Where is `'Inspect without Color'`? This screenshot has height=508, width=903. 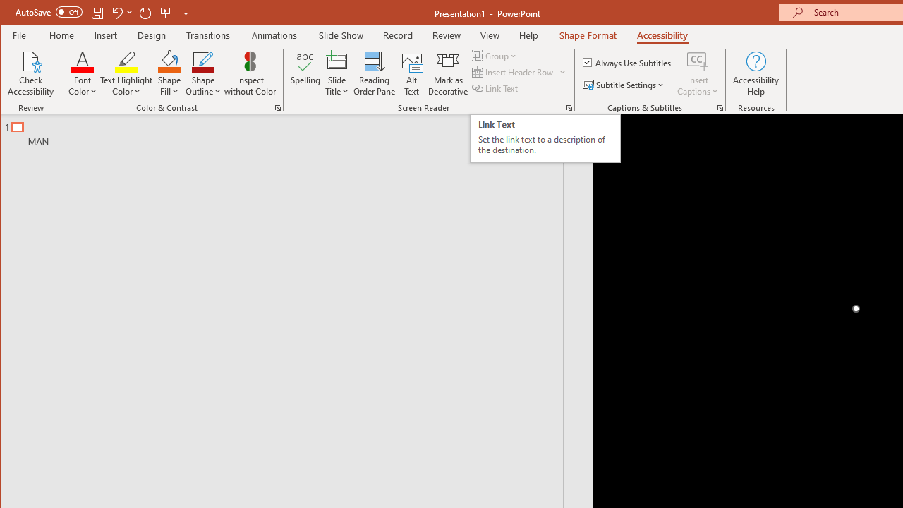 'Inspect without Color' is located at coordinates (250, 73).